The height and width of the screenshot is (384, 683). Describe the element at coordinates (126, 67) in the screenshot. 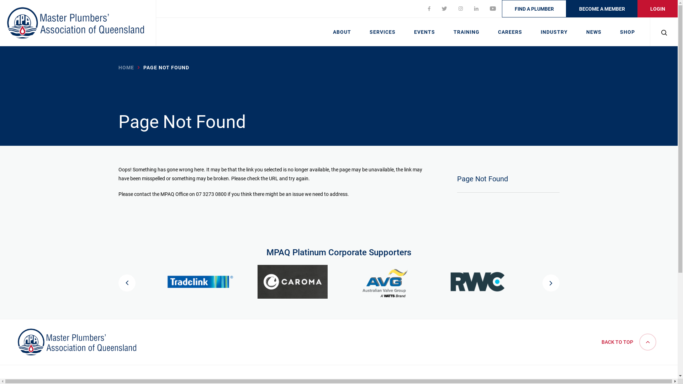

I see `'HOME'` at that location.